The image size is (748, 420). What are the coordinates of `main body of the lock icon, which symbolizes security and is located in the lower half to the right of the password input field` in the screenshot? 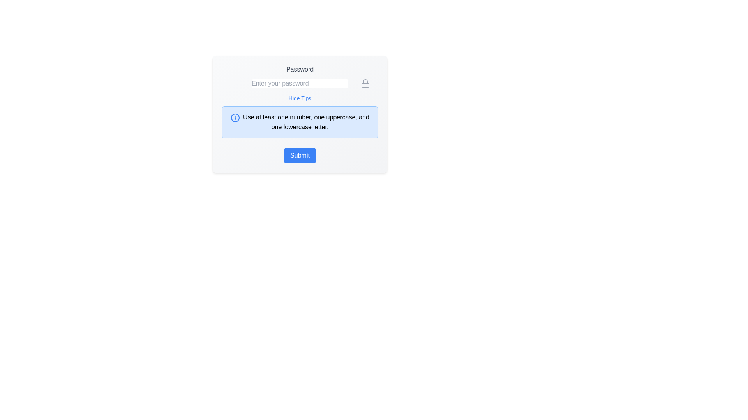 It's located at (365, 85).